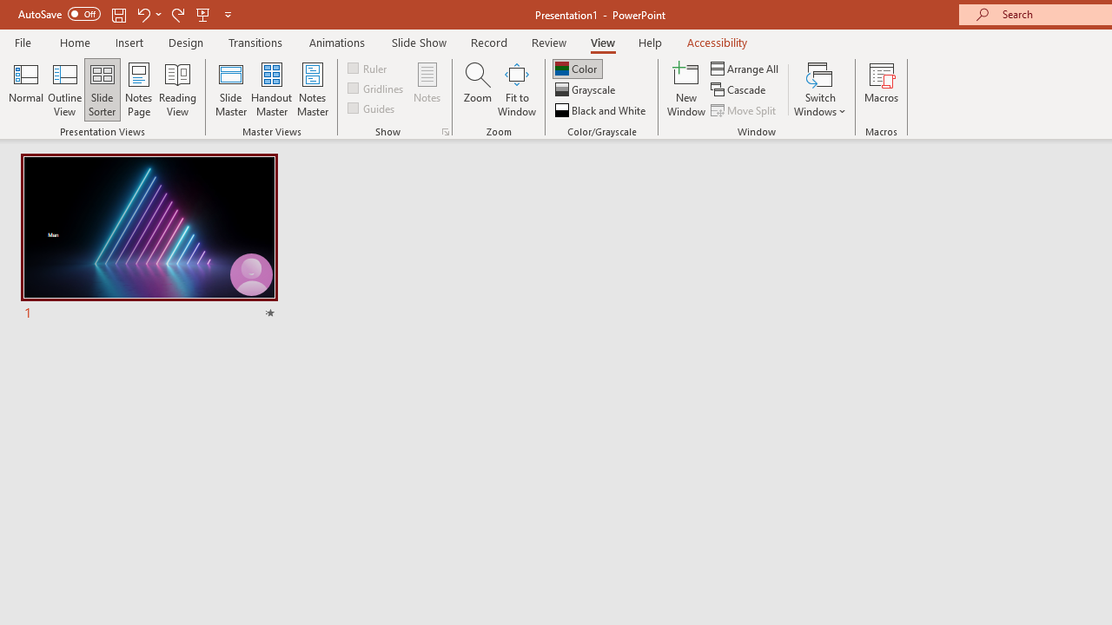 The width and height of the screenshot is (1112, 625). What do you see at coordinates (270, 89) in the screenshot?
I see `'Handout Master'` at bounding box center [270, 89].